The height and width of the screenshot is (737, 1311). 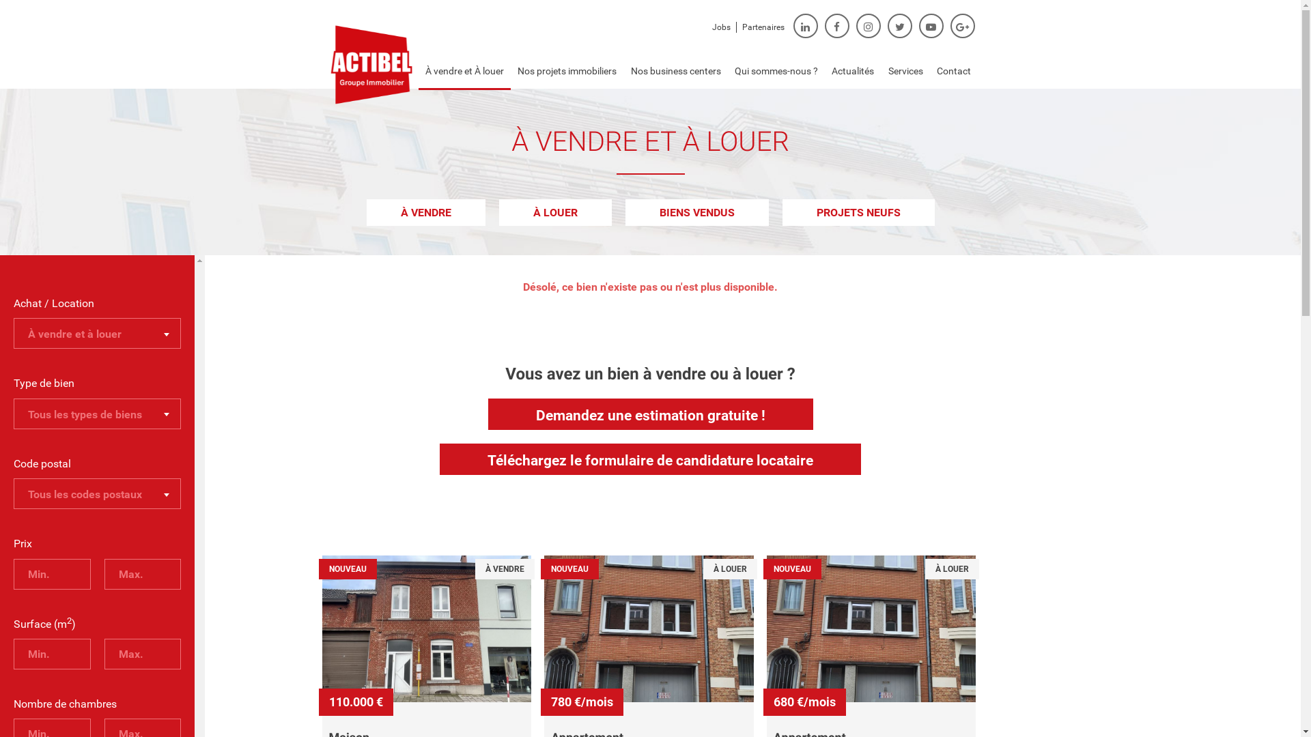 I want to click on 'LinkedIn', so click(x=806, y=26).